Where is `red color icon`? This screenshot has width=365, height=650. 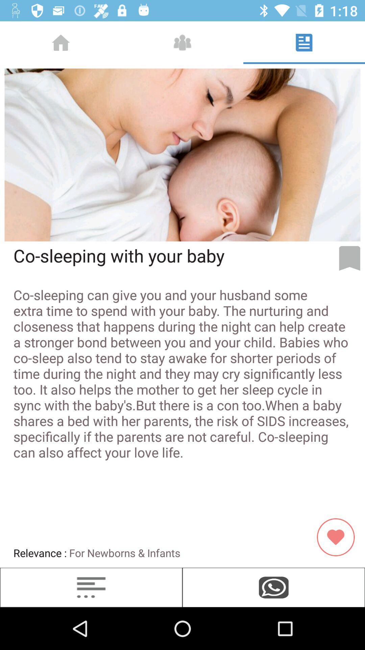
red color icon is located at coordinates (338, 536).